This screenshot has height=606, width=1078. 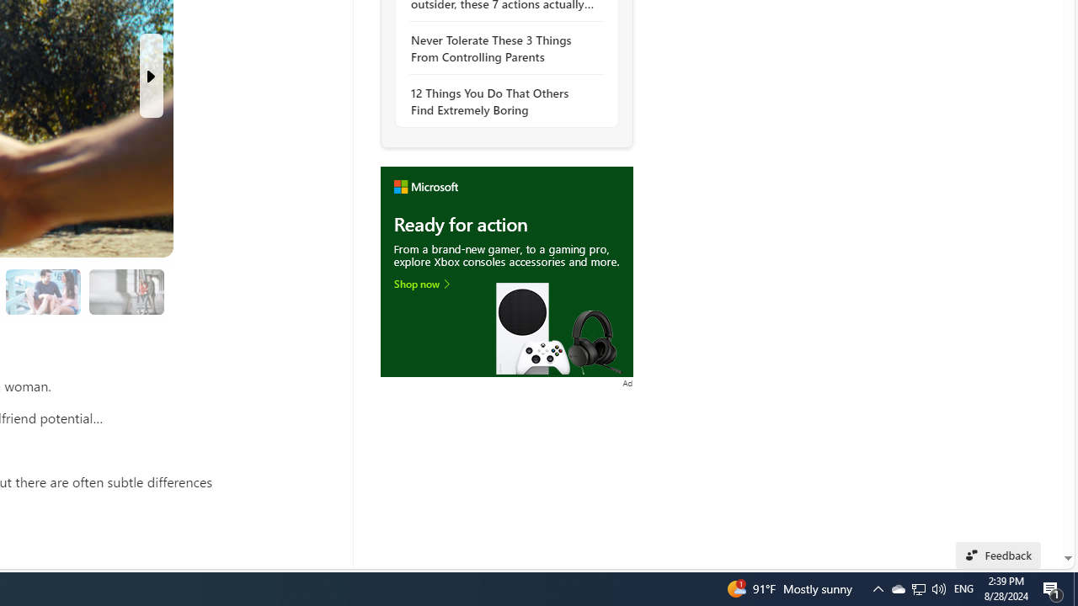 What do you see at coordinates (501, 47) in the screenshot?
I see `'Never Tolerate These 3 Things From Controlling Parents'` at bounding box center [501, 47].